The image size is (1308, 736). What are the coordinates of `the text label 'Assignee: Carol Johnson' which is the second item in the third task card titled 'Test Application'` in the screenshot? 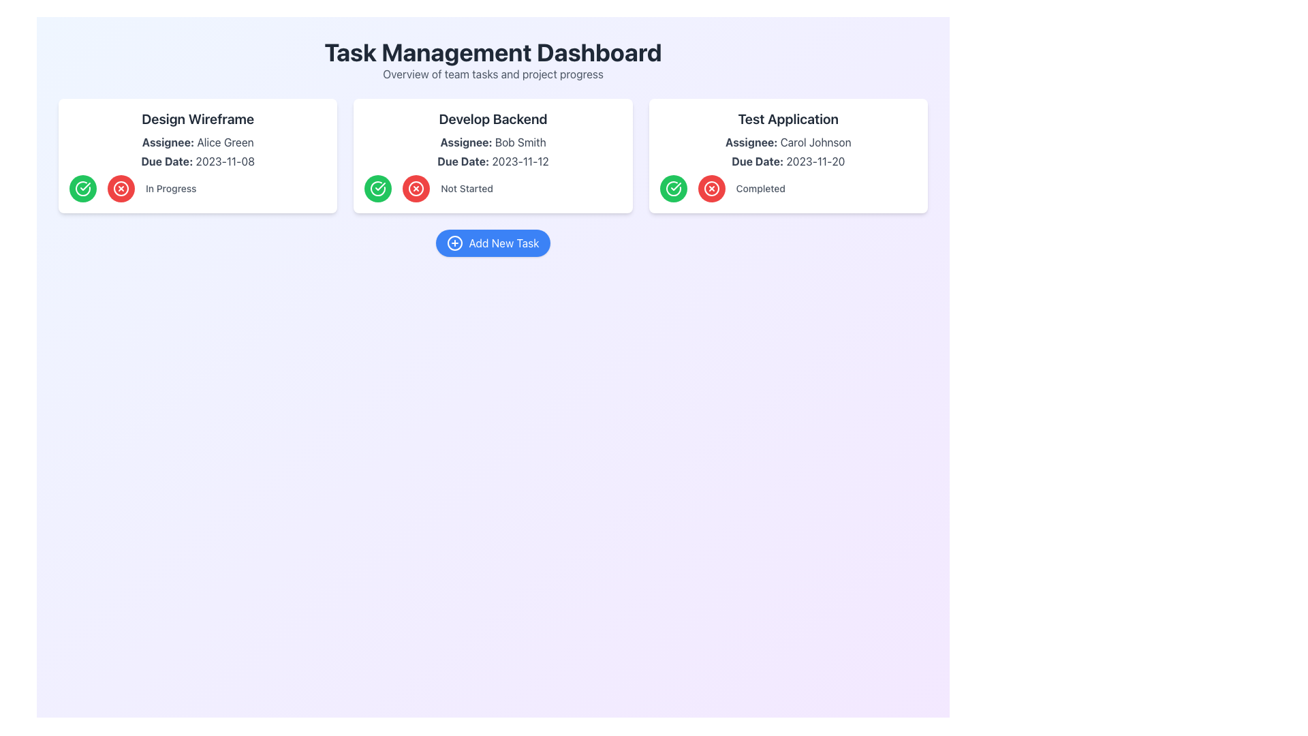 It's located at (788, 142).